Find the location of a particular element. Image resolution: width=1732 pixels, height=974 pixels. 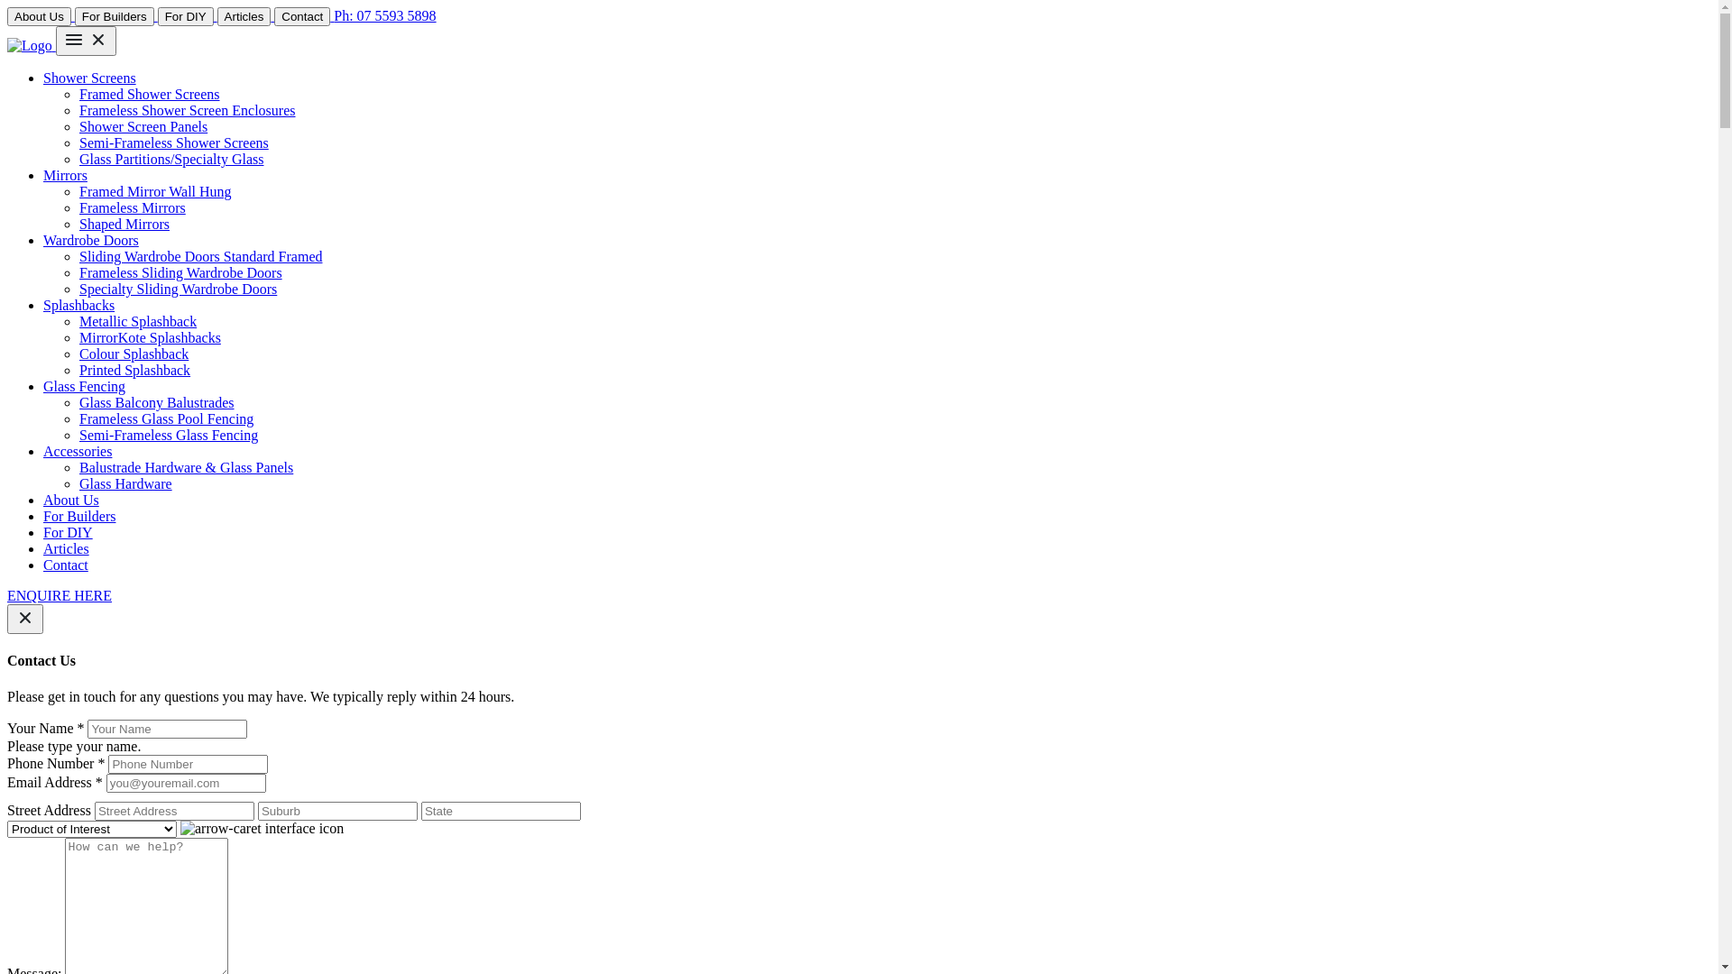

'Balustrade Hardware & Glass Panels' is located at coordinates (186, 466).